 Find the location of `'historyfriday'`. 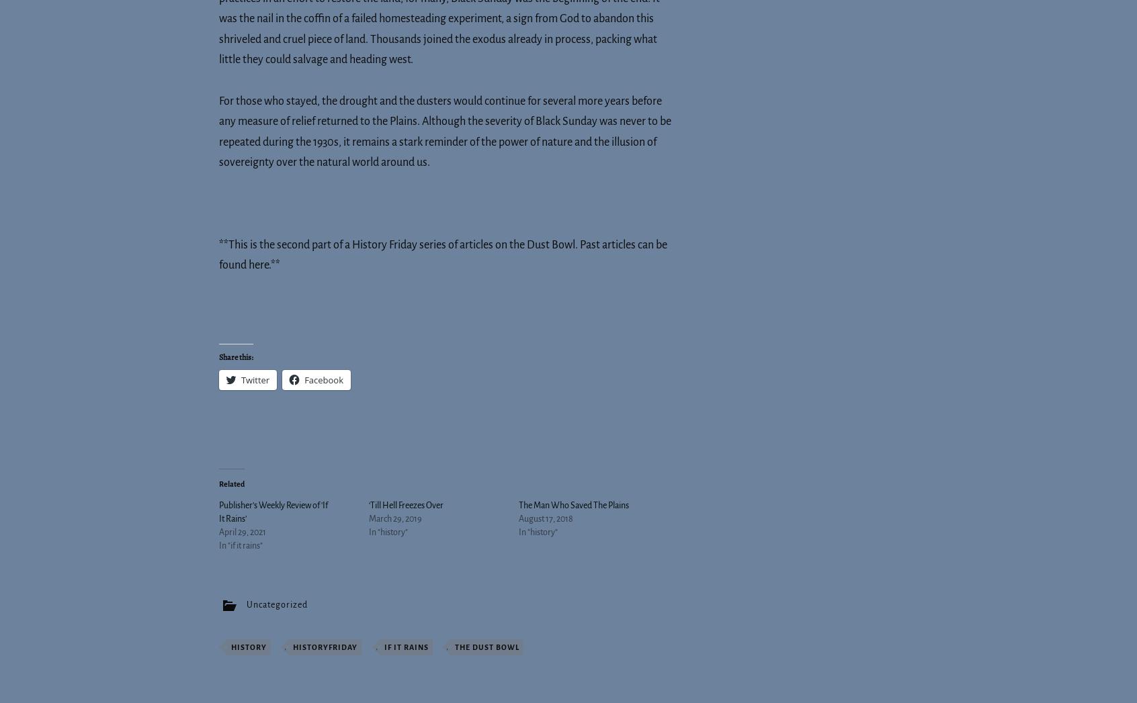

'historyfriday' is located at coordinates (325, 646).